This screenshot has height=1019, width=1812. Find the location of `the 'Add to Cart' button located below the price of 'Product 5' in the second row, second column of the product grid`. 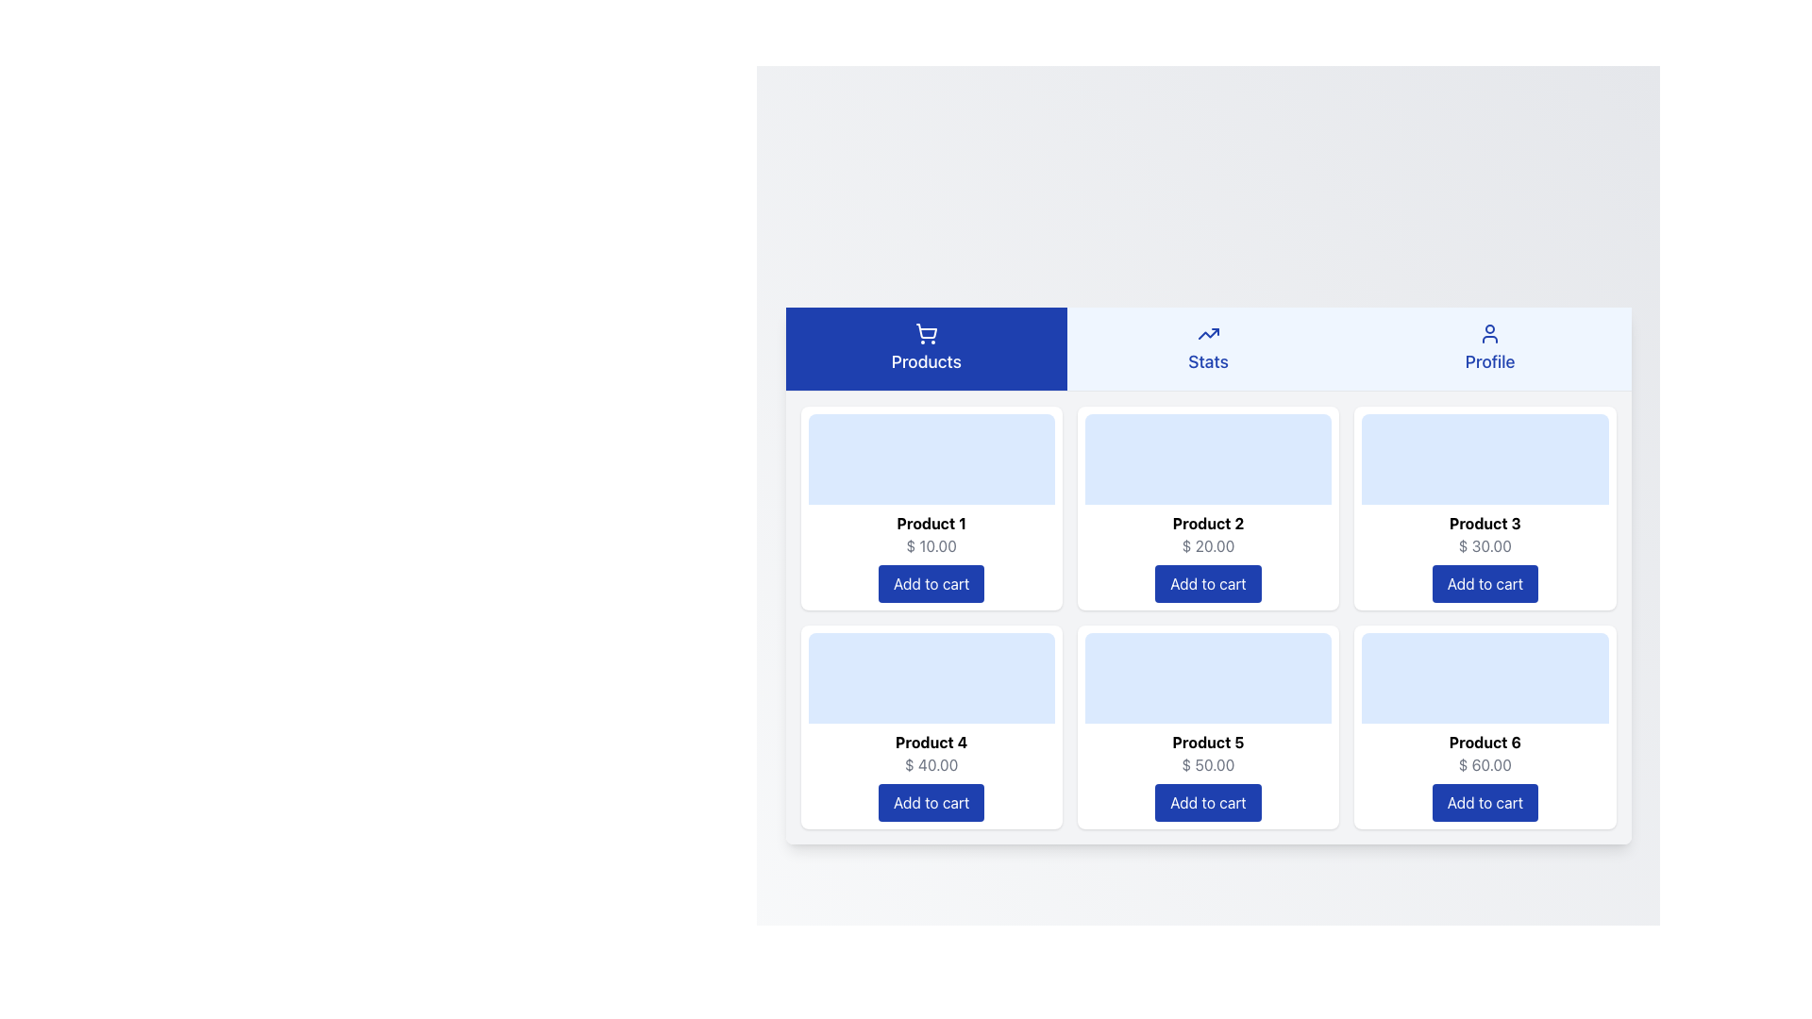

the 'Add to Cart' button located below the price of 'Product 5' in the second row, second column of the product grid is located at coordinates (1208, 802).